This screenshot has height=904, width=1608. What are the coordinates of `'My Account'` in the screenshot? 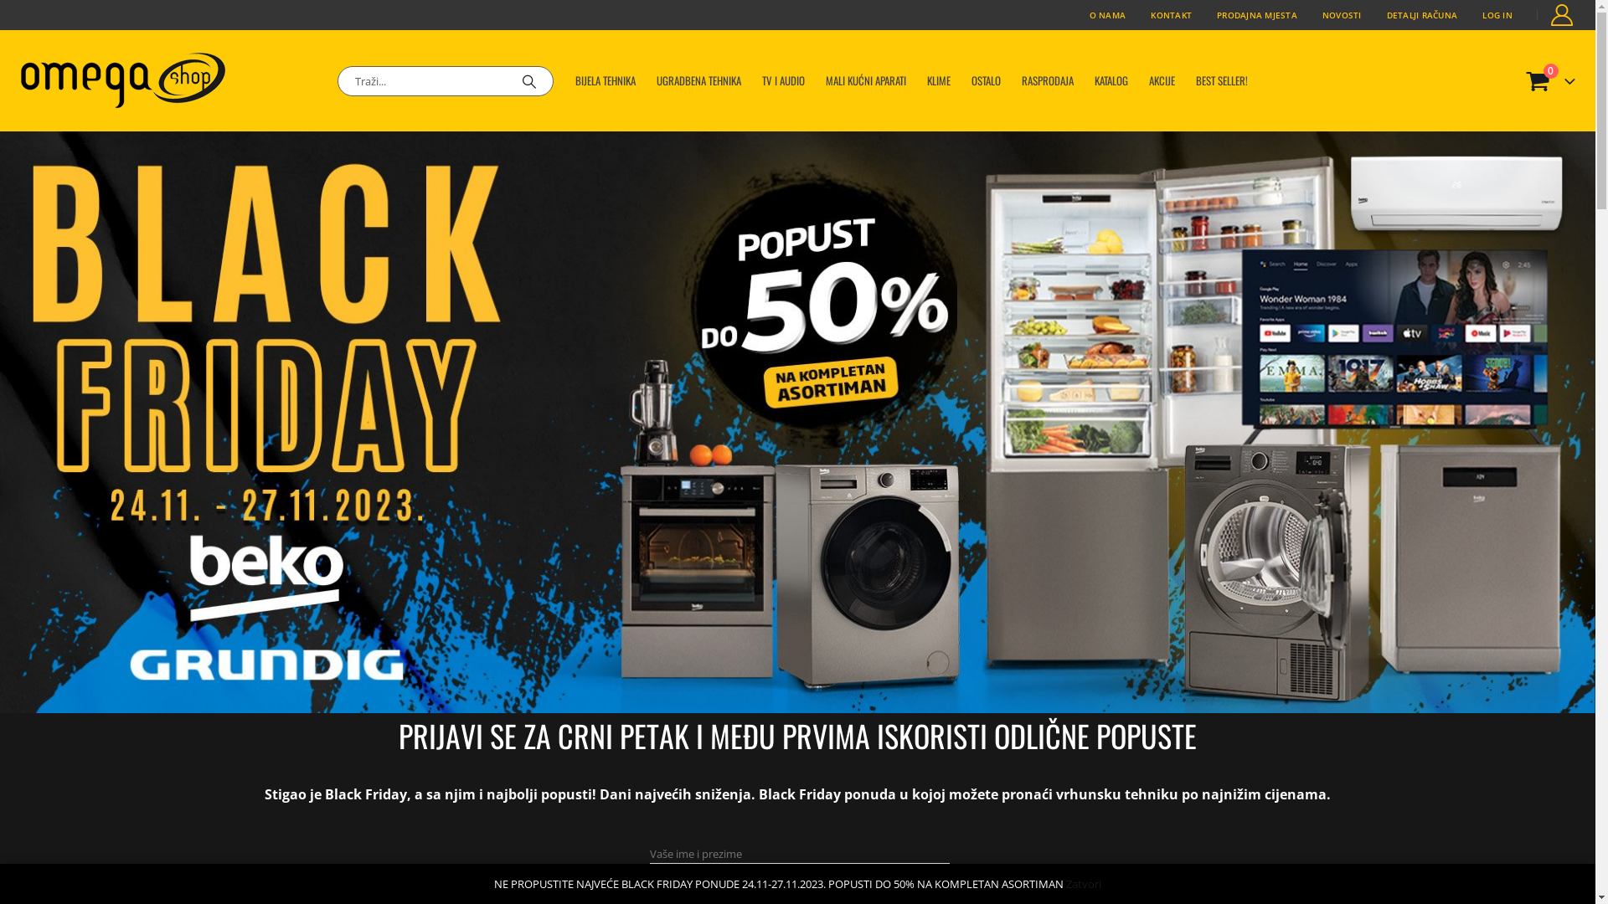 It's located at (1561, 15).